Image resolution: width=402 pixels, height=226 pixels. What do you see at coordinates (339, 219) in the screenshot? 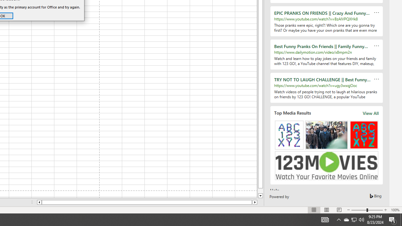
I see `'Notification Chevron'` at bounding box center [339, 219].